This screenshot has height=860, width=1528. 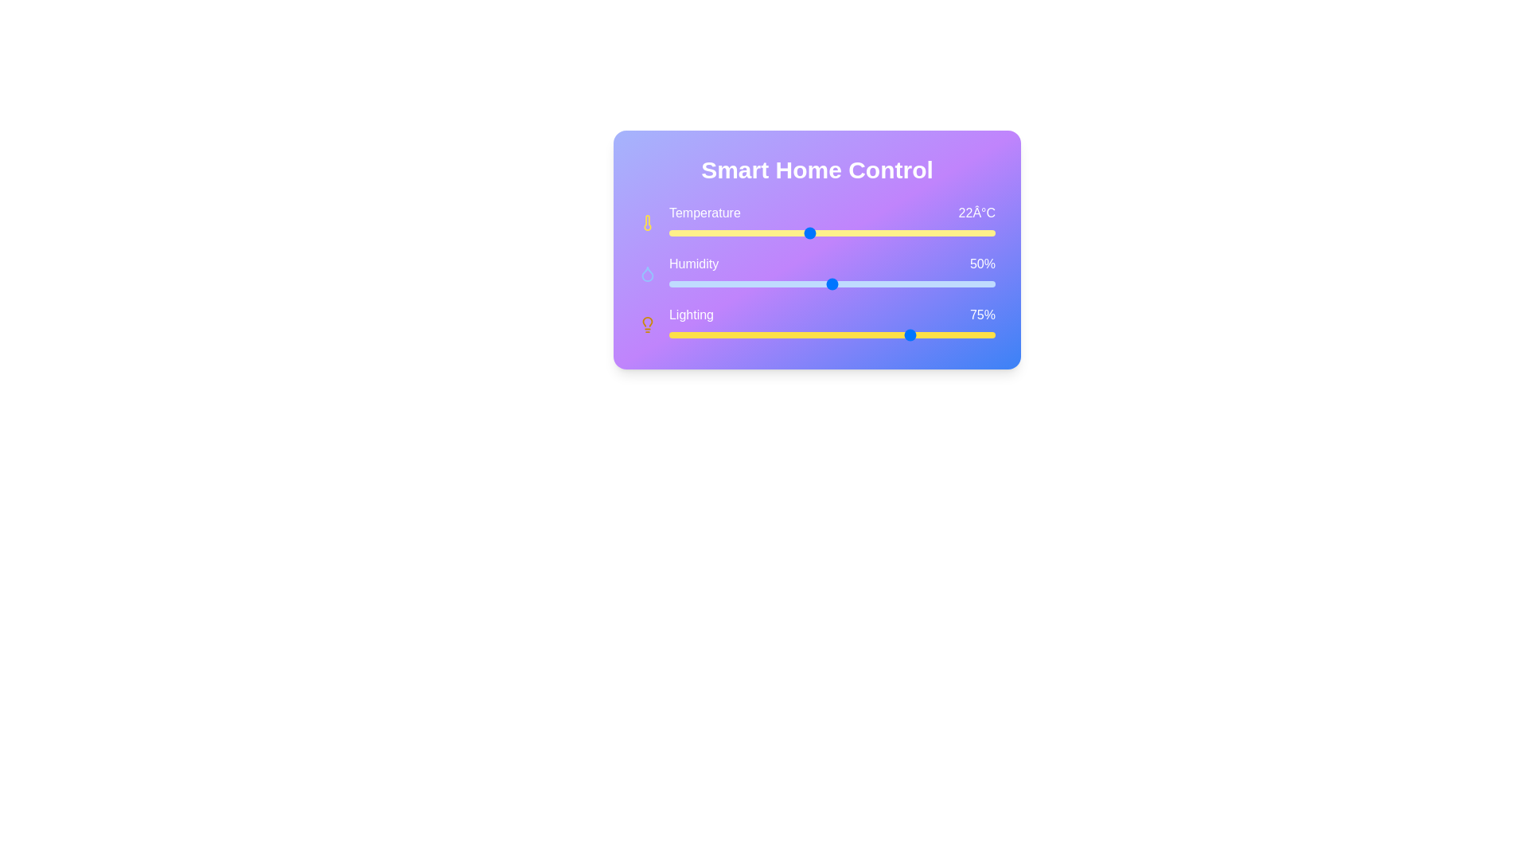 What do you see at coordinates (688, 334) in the screenshot?
I see `the lighting slider to set the lighting level to 6%` at bounding box center [688, 334].